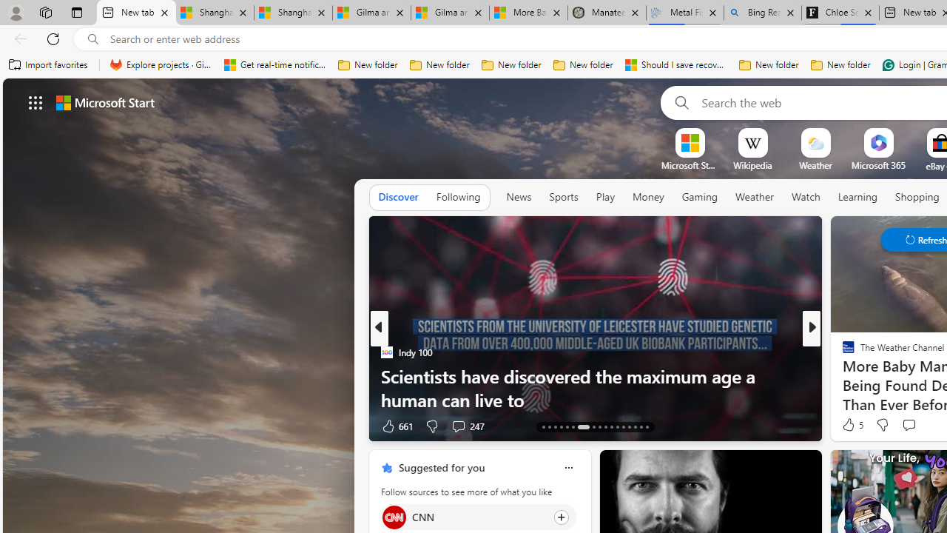 Image resolution: width=947 pixels, height=533 pixels. I want to click on 'Learning', so click(857, 197).